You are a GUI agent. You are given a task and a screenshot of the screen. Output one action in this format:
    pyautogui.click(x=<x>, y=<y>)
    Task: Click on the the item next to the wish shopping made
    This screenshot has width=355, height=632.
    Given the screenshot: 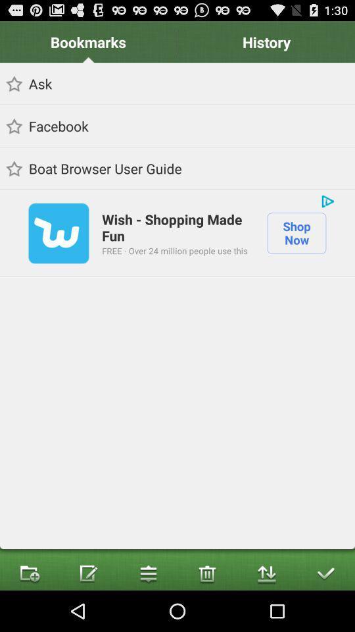 What is the action you would take?
    pyautogui.click(x=327, y=201)
    